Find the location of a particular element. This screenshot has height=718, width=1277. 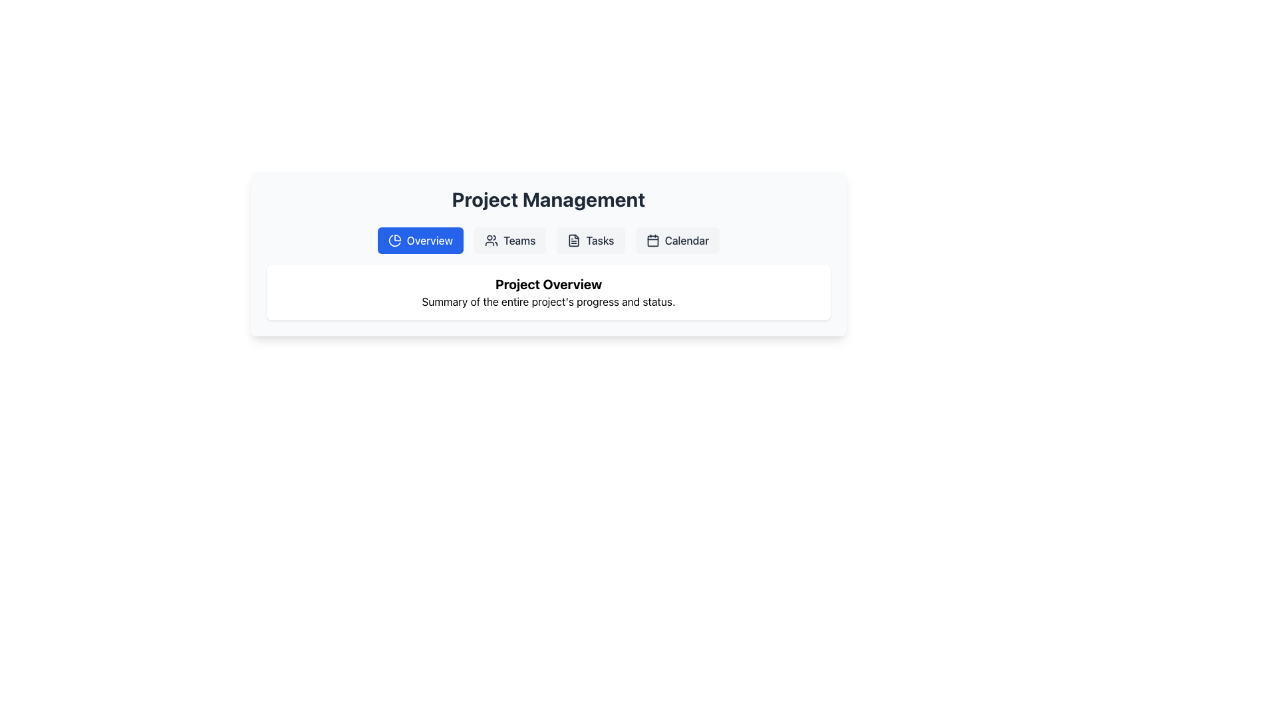

the pie chart icon with a blue background located within the Overview button is located at coordinates (394, 241).